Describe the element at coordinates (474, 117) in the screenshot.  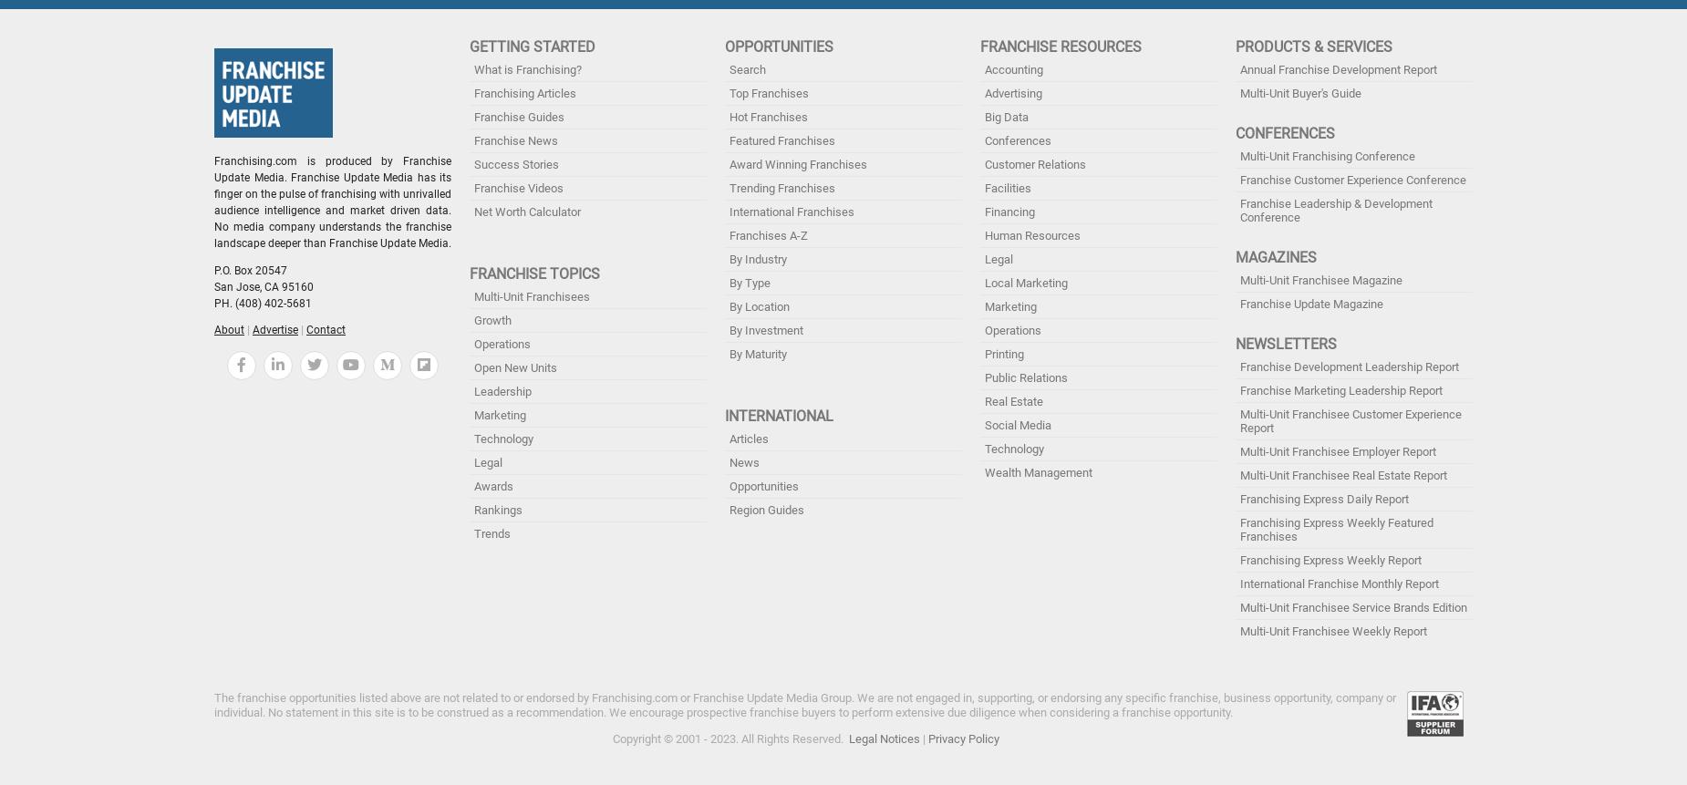
I see `'Franchise Guides'` at that location.